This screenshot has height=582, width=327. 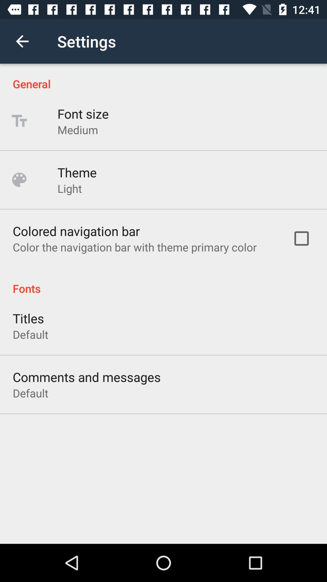 What do you see at coordinates (28, 318) in the screenshot?
I see `the titles` at bounding box center [28, 318].